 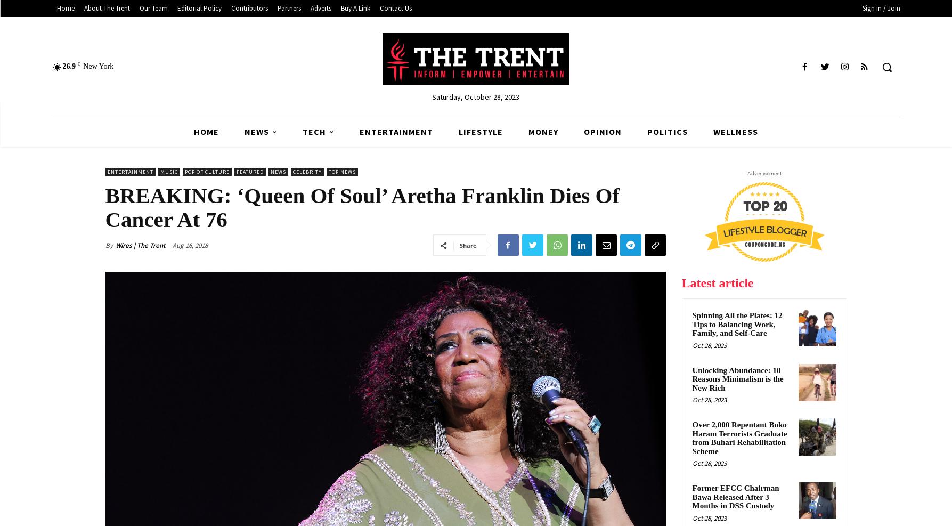 I want to click on 'Politics', so click(x=647, y=132).